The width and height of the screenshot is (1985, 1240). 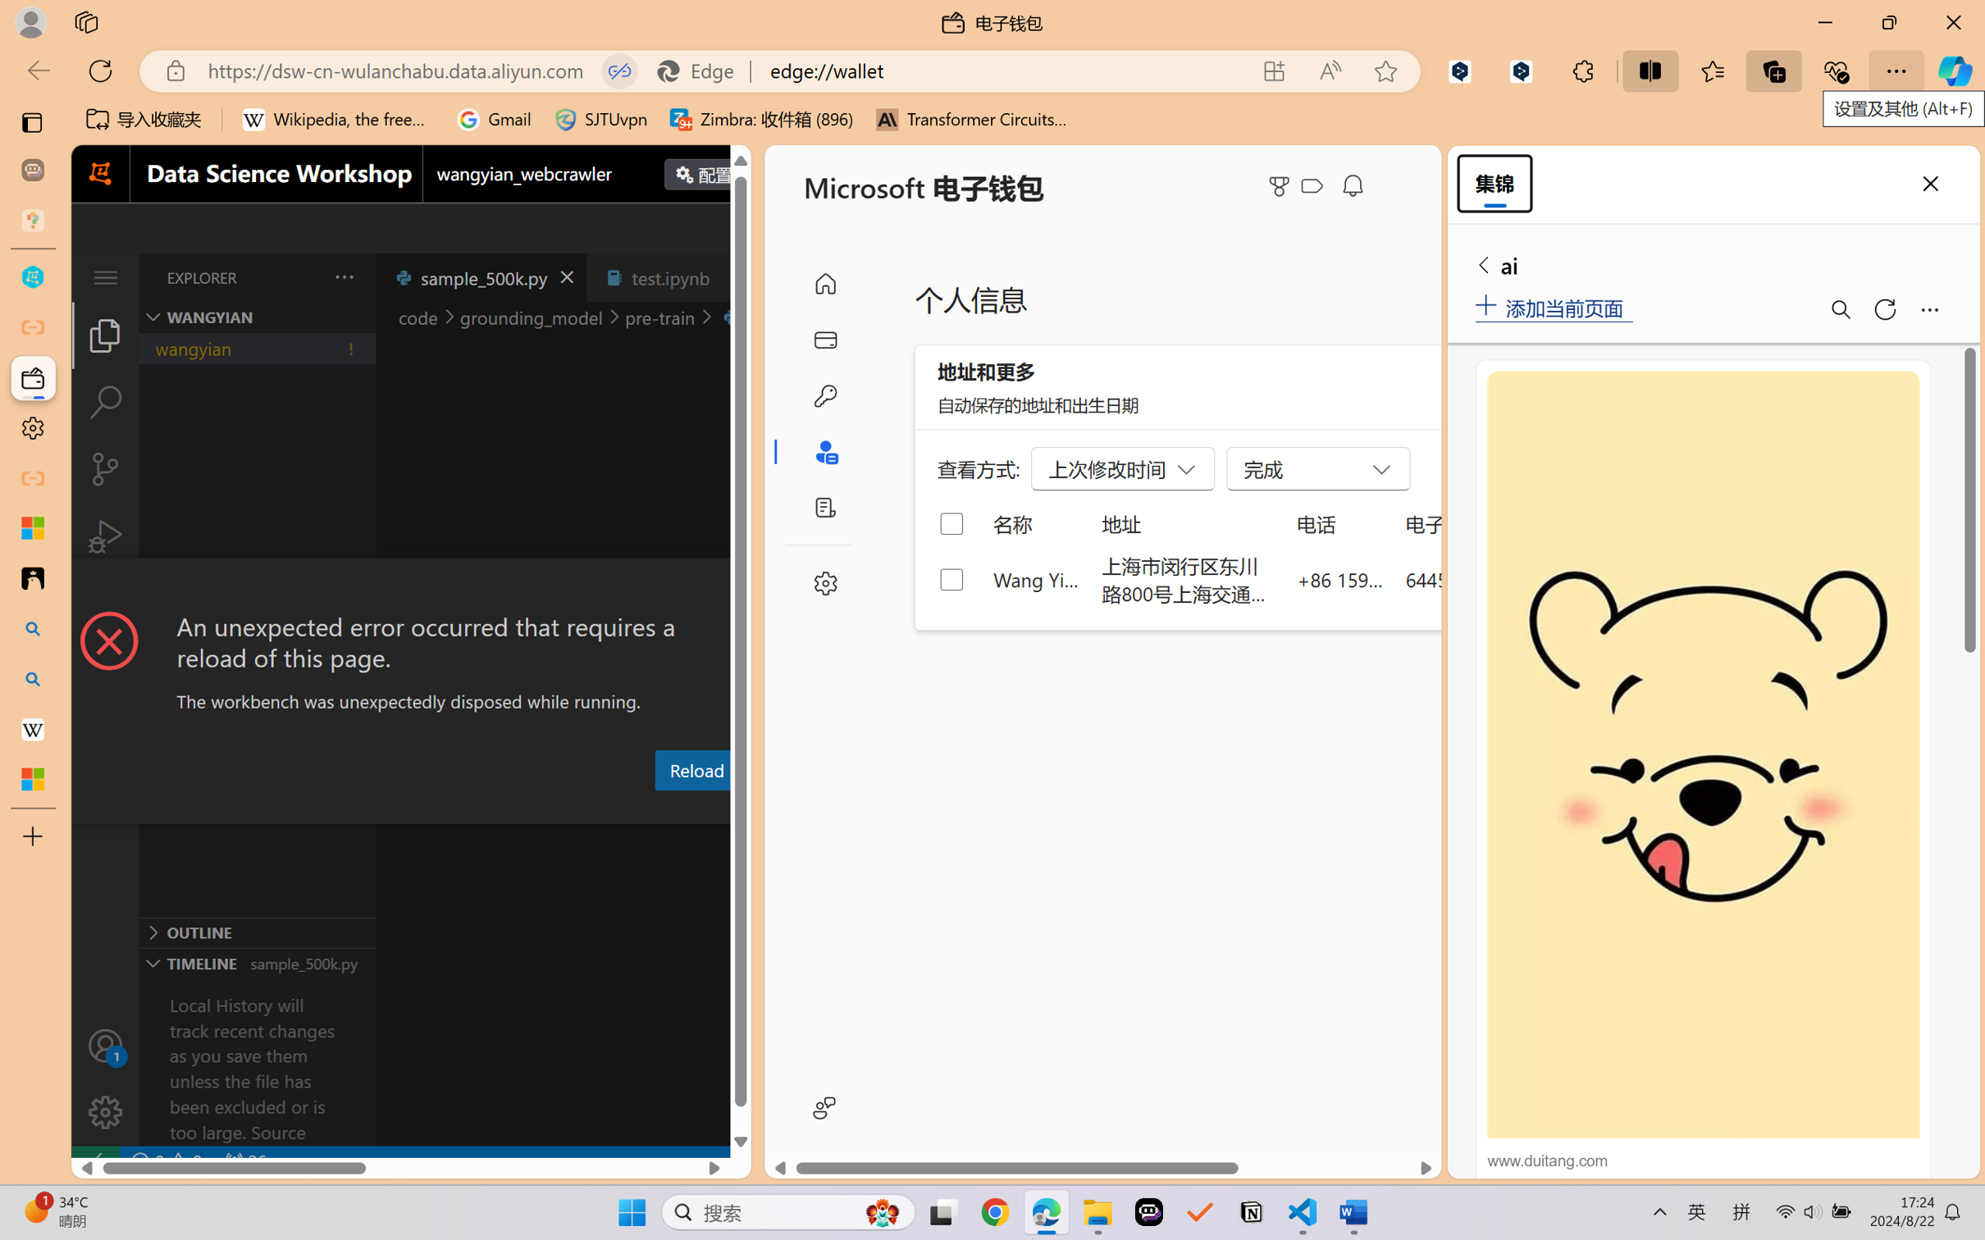 What do you see at coordinates (493, 119) in the screenshot?
I see `'Gmail'` at bounding box center [493, 119].